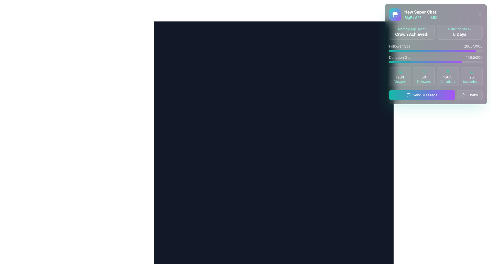  I want to click on the Progress indicator bar element that is a horizontal bar with a gradient color transition from teal to purple, located within the 'Donation Goal' progress bar below the 'Donation Goal' label, so click(426, 62).